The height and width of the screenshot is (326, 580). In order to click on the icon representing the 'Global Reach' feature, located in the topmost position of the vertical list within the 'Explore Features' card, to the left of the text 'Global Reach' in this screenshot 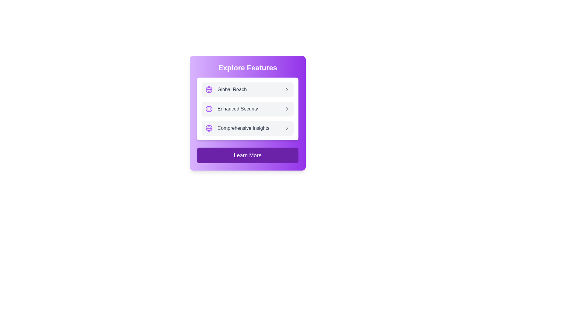, I will do `click(209, 128)`.